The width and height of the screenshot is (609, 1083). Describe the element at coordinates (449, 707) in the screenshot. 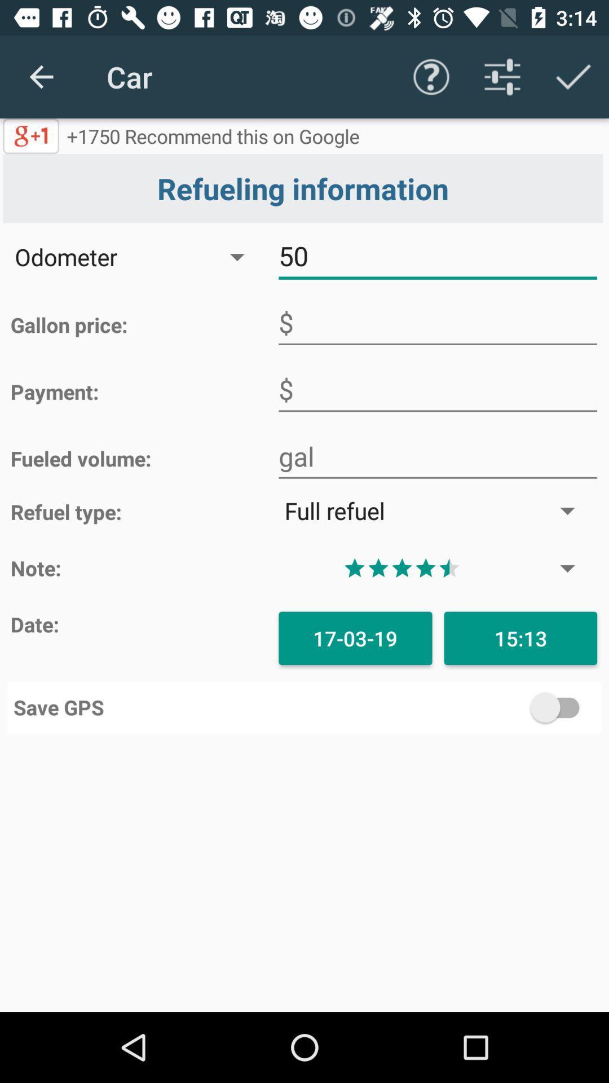

I see `save` at that location.